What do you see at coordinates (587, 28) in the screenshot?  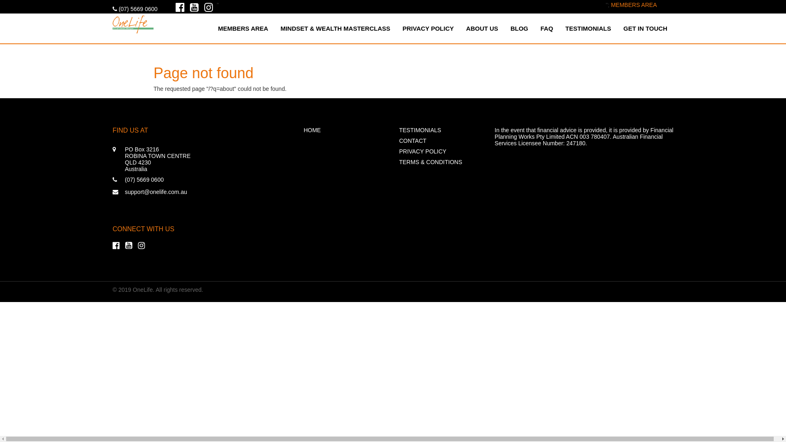 I see `'TESTIMONIALS'` at bounding box center [587, 28].